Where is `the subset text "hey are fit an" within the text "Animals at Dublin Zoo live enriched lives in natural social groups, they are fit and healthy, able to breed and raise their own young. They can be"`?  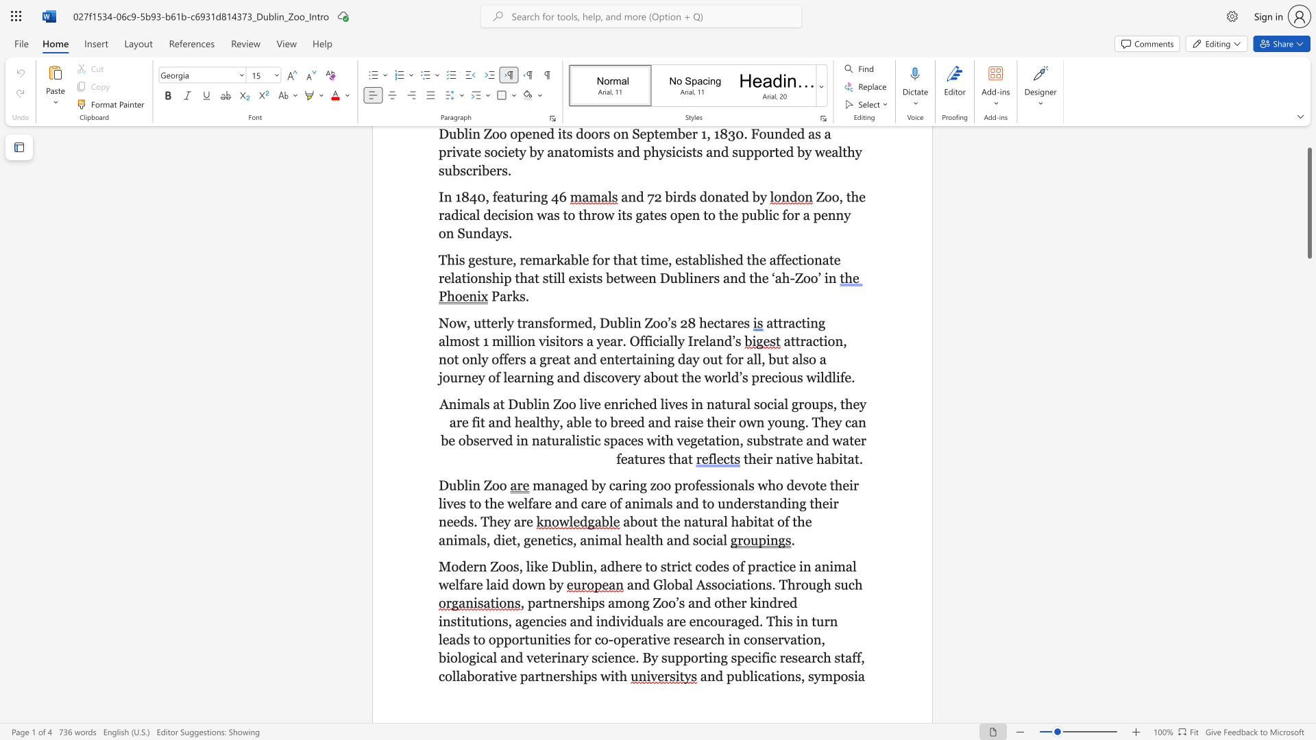 the subset text "hey are fit an" within the text "Animals at Dublin Zoo live enriched lives in natural social groups, they are fit and healthy, able to breed and raise their own young. They can be" is located at coordinates (844, 403).